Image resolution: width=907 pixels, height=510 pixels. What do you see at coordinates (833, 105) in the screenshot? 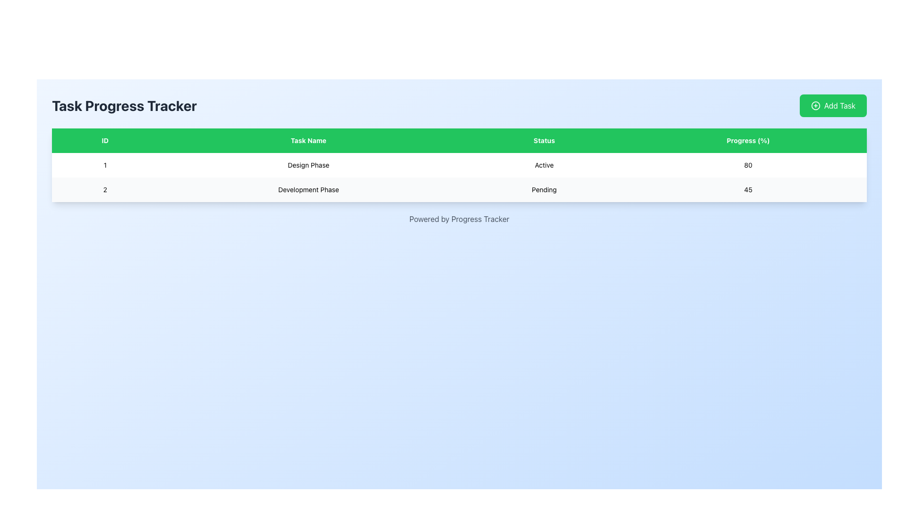
I see `the green 'Add Task' button with rounded corners and white text` at bounding box center [833, 105].